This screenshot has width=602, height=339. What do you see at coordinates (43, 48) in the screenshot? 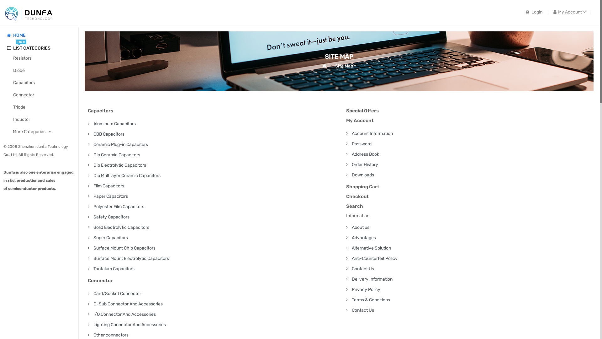
I see `'LIST CATEGORIES'` at bounding box center [43, 48].